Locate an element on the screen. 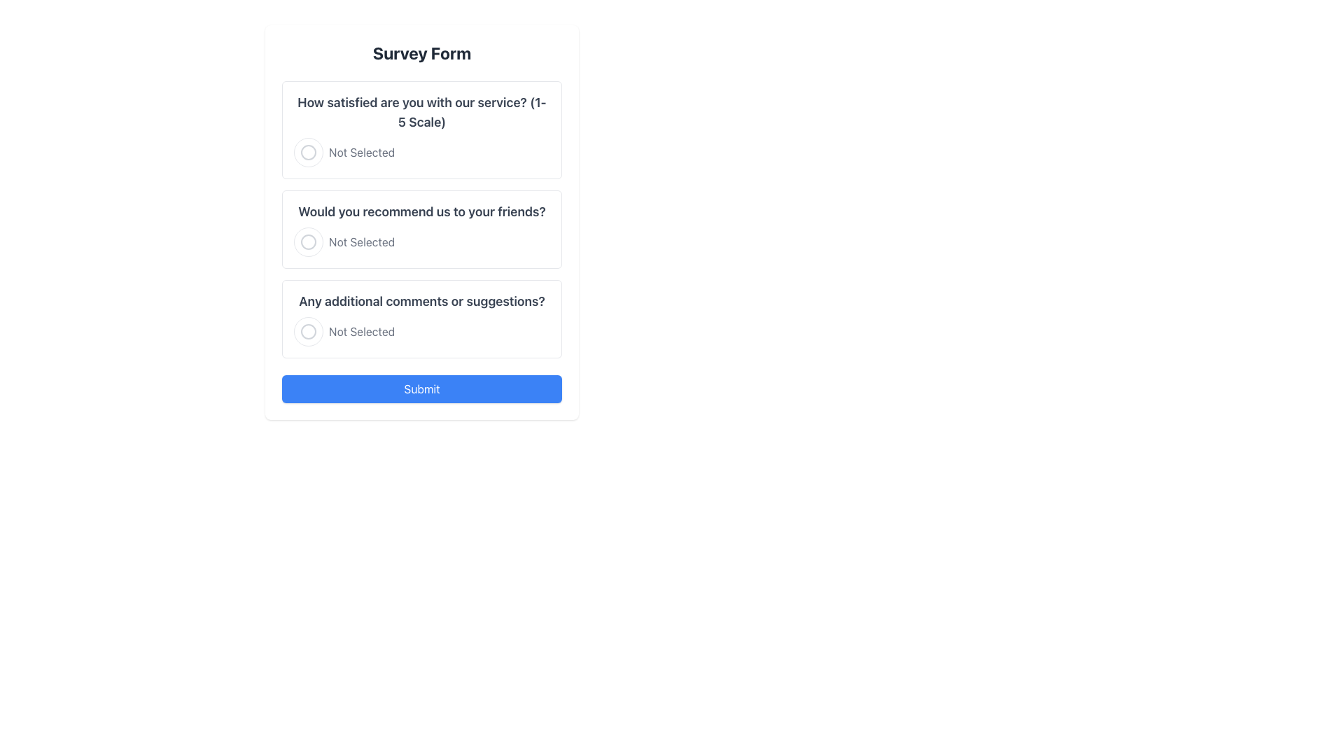 The height and width of the screenshot is (756, 1344). the third radio button option in the 'Any additional comments or suggestions?' section of the survey form is located at coordinates (421, 332).